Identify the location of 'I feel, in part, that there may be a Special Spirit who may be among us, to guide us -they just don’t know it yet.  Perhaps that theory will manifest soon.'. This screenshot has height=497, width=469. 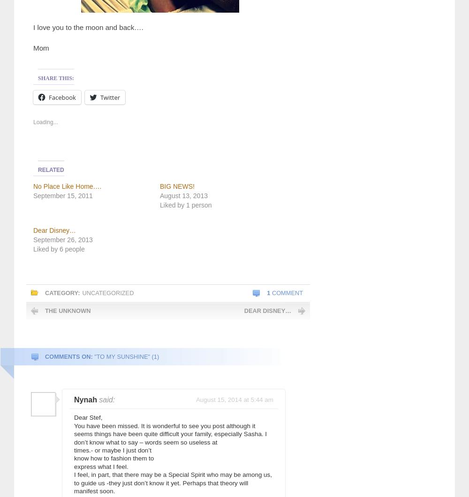
(173, 482).